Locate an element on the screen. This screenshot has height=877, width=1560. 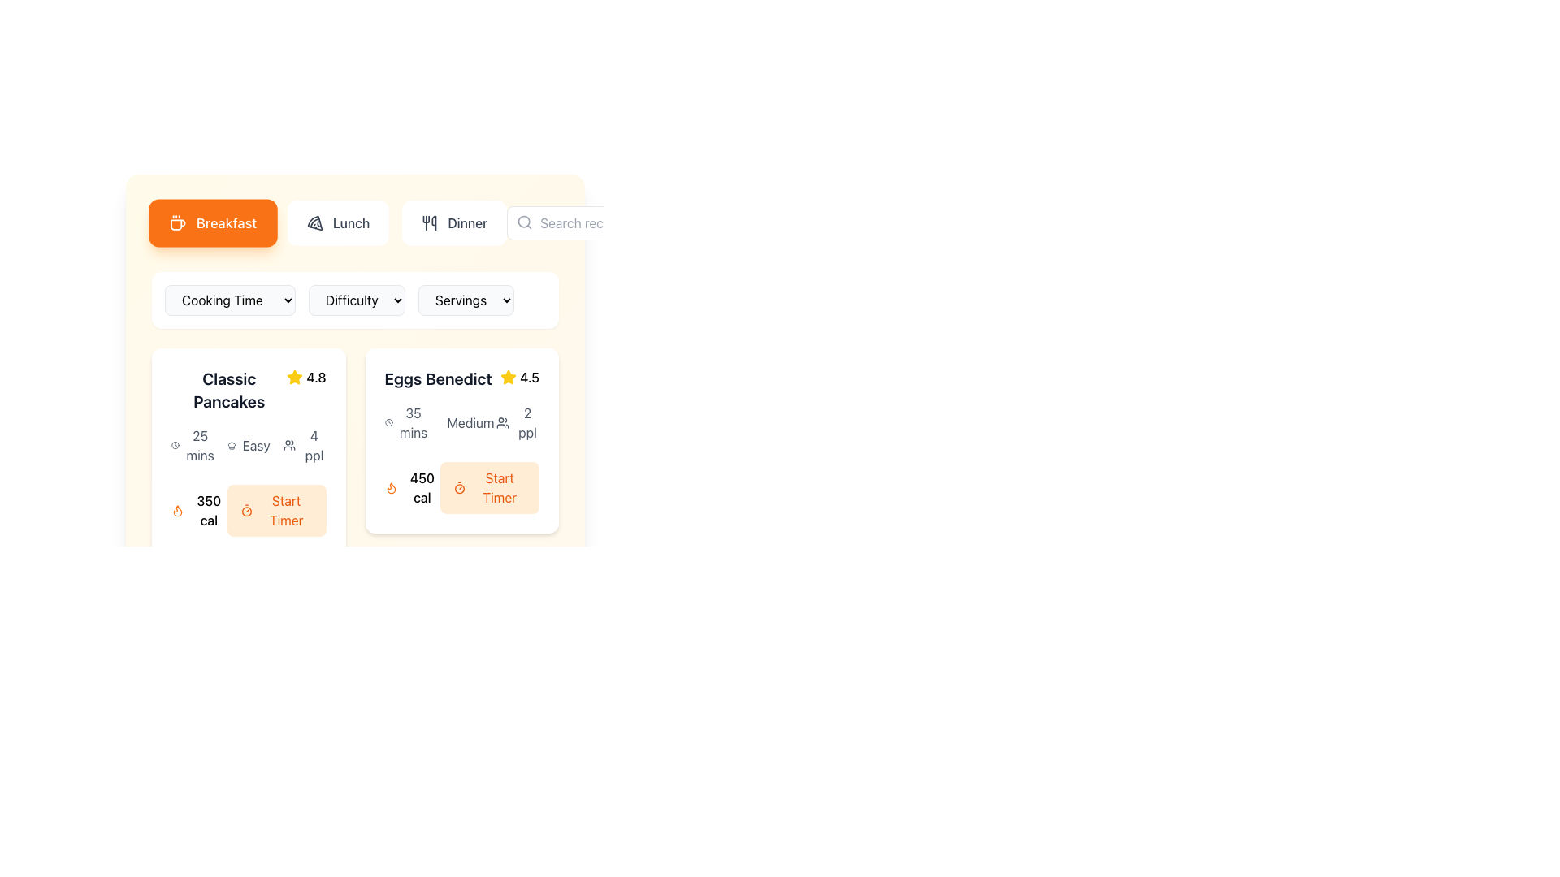
the star SVG icon representing the numerical rating of '4.8', located to the left of the text in the recipe card for 'Classic Pancakes' is located at coordinates (295, 378).